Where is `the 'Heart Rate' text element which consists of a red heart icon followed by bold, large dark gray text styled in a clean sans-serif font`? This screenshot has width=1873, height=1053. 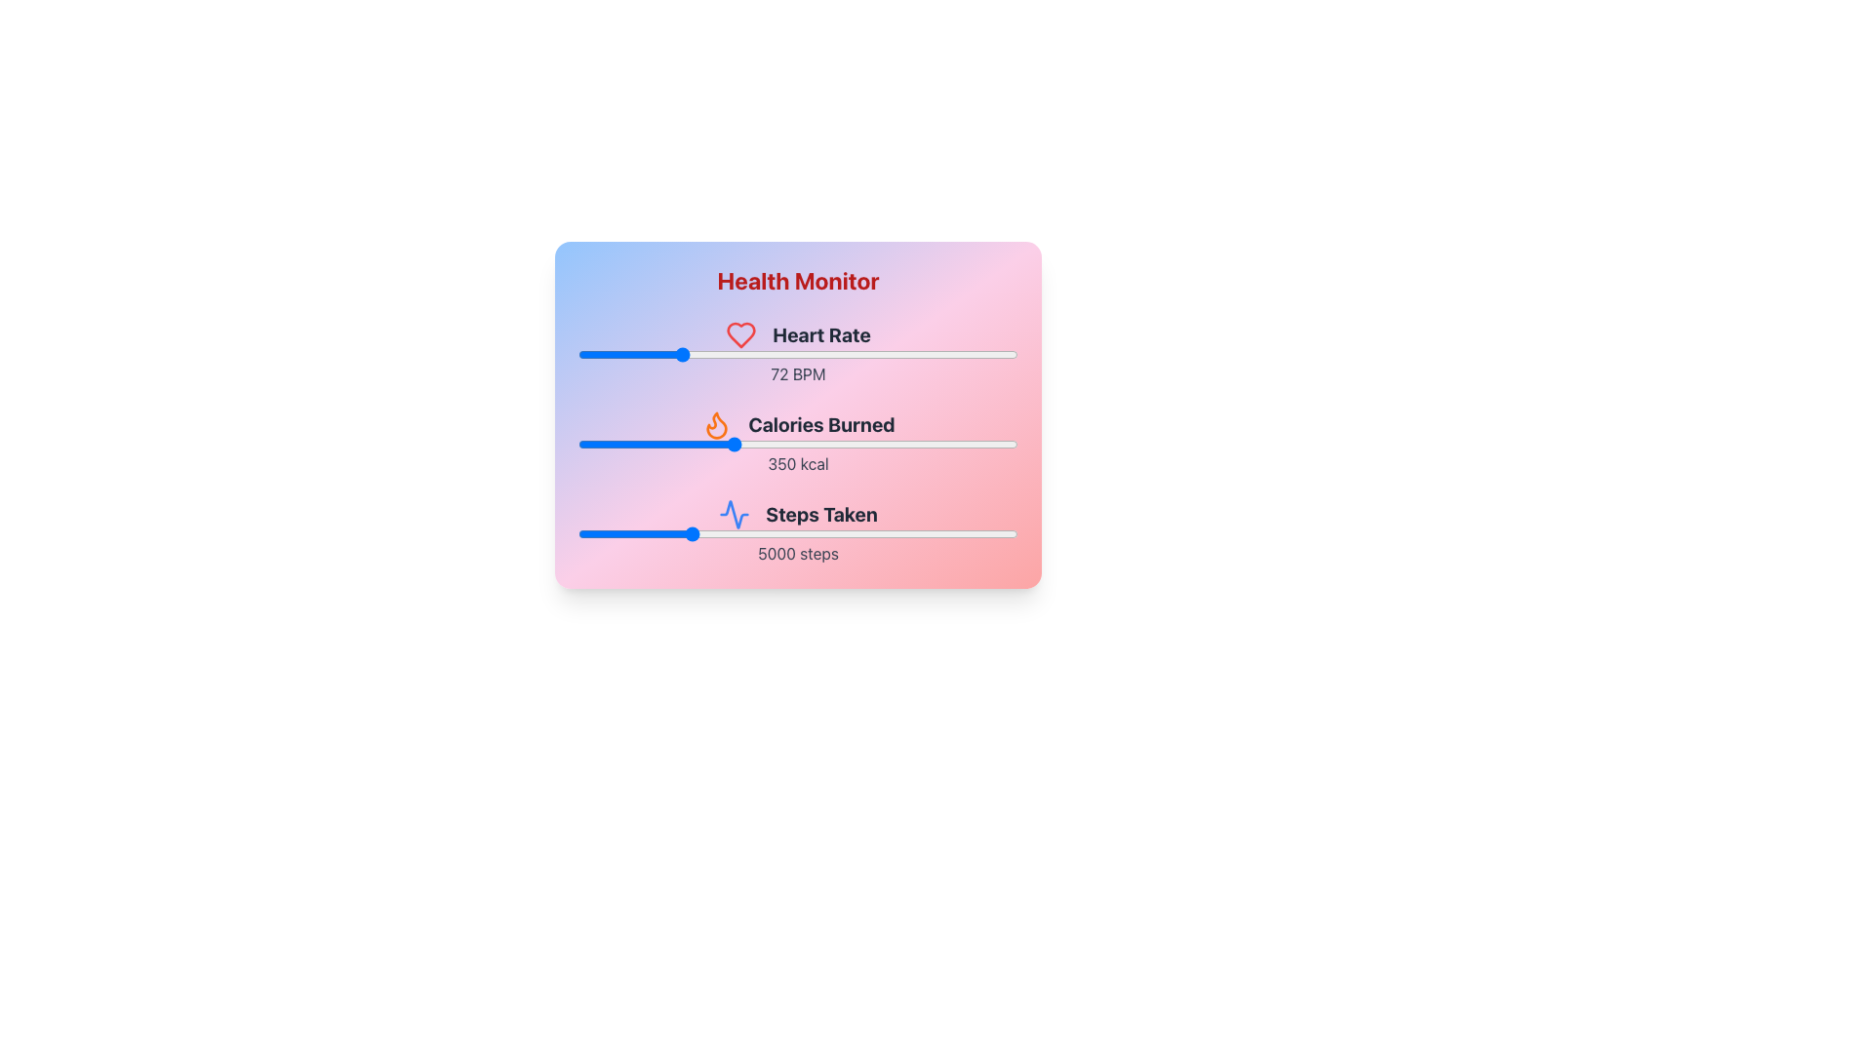
the 'Heart Rate' text element which consists of a red heart icon followed by bold, large dark gray text styled in a clean sans-serif font is located at coordinates (798, 333).